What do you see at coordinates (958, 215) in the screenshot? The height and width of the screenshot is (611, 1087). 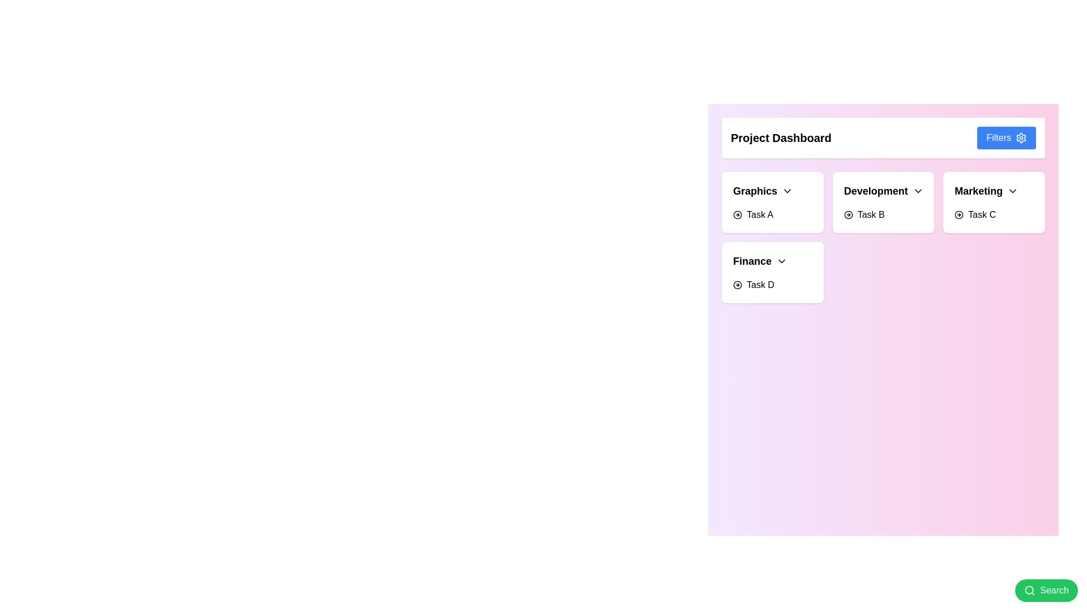 I see `the hollow right-pointing arrow icon within the 'Marketing' task card, located above the text 'Task C'` at bounding box center [958, 215].